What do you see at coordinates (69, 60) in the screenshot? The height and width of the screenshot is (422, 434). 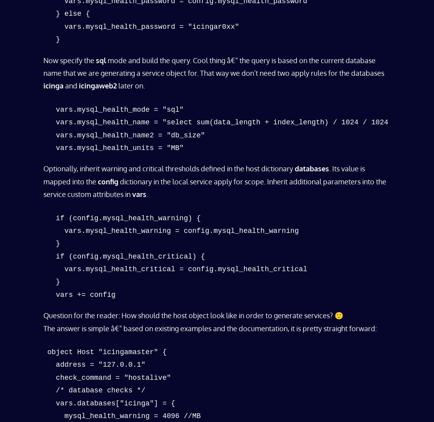 I see `'Now specify the'` at bounding box center [69, 60].